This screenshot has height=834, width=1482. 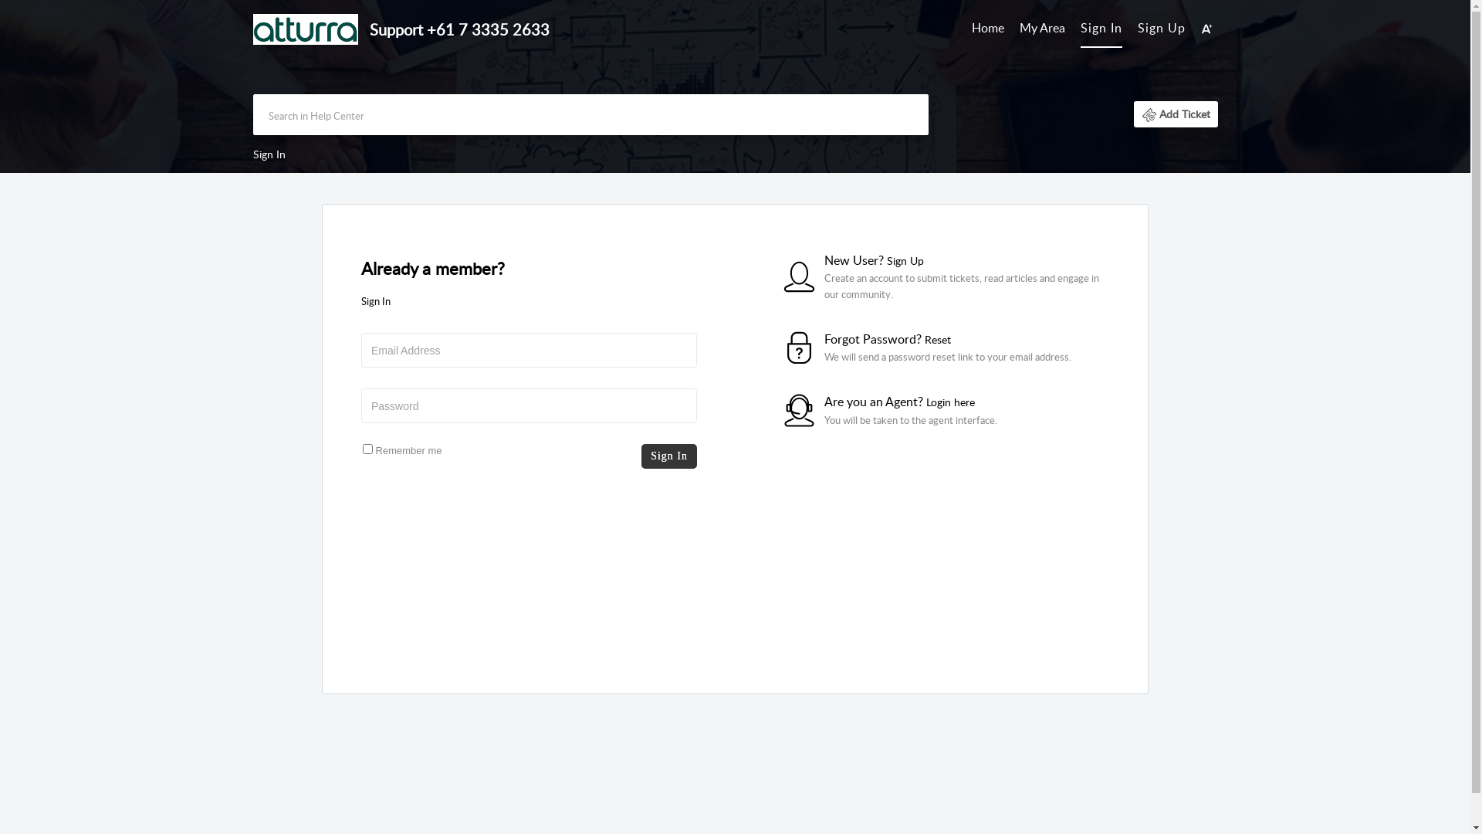 I want to click on 'My Area', so click(x=1019, y=29).